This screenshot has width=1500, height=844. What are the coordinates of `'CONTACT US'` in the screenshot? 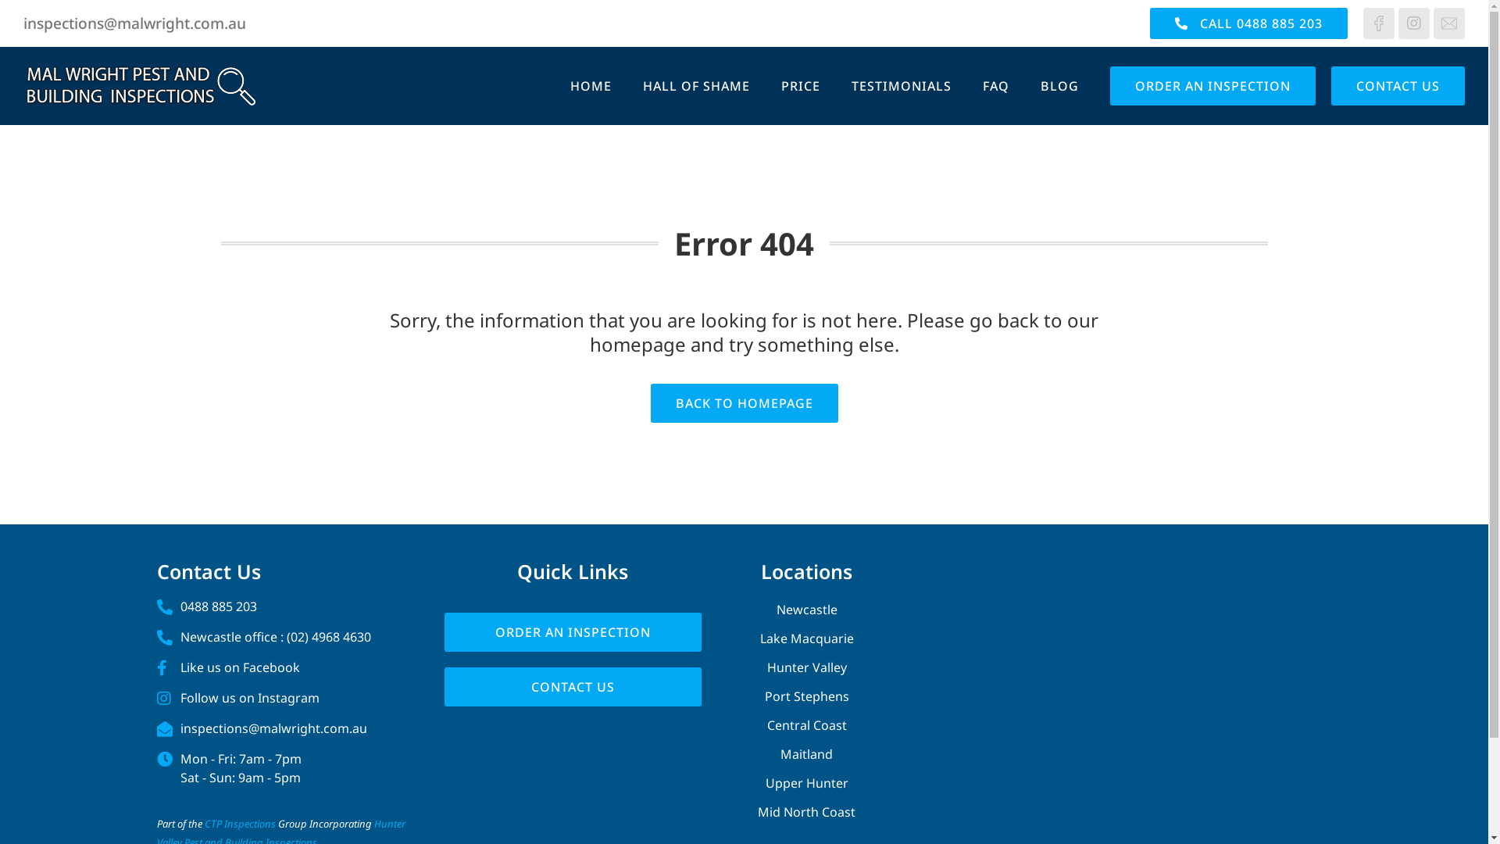 It's located at (1398, 86).